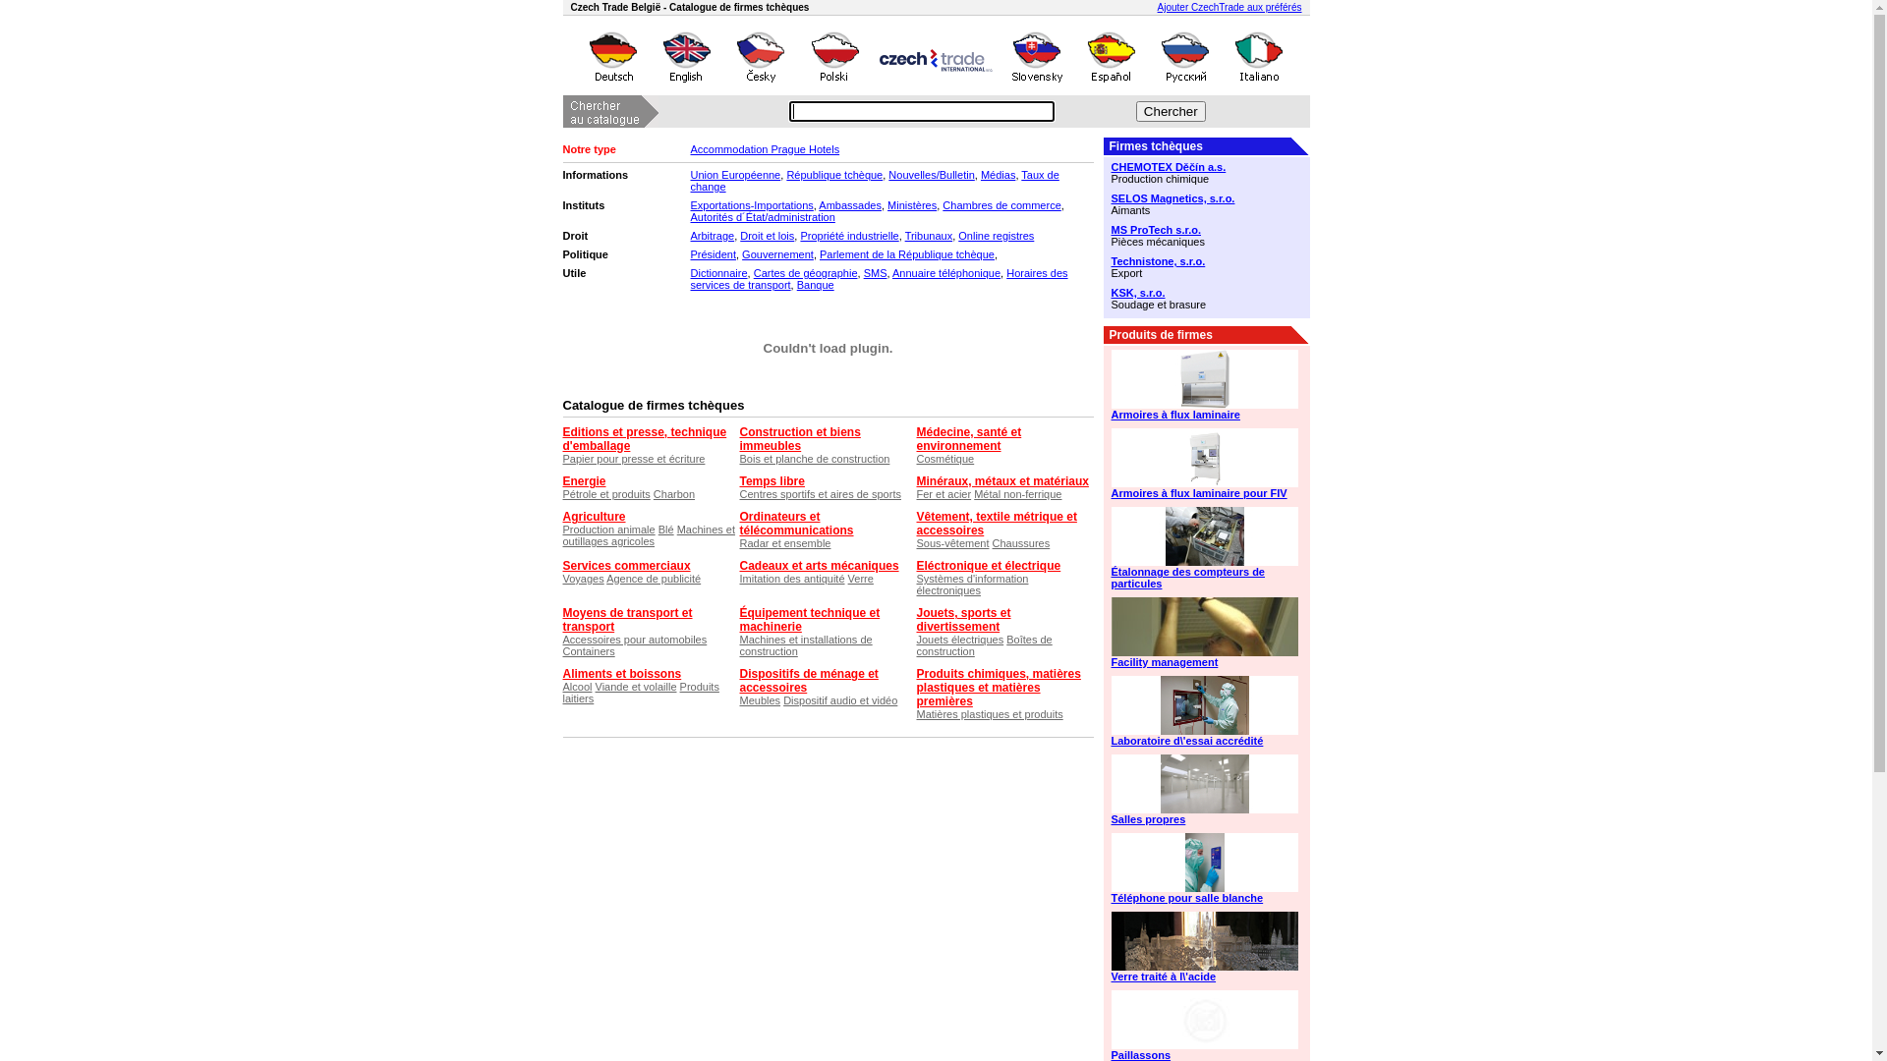 The image size is (1887, 1061). Describe the element at coordinates (560, 685) in the screenshot. I see `'Alcool'` at that location.